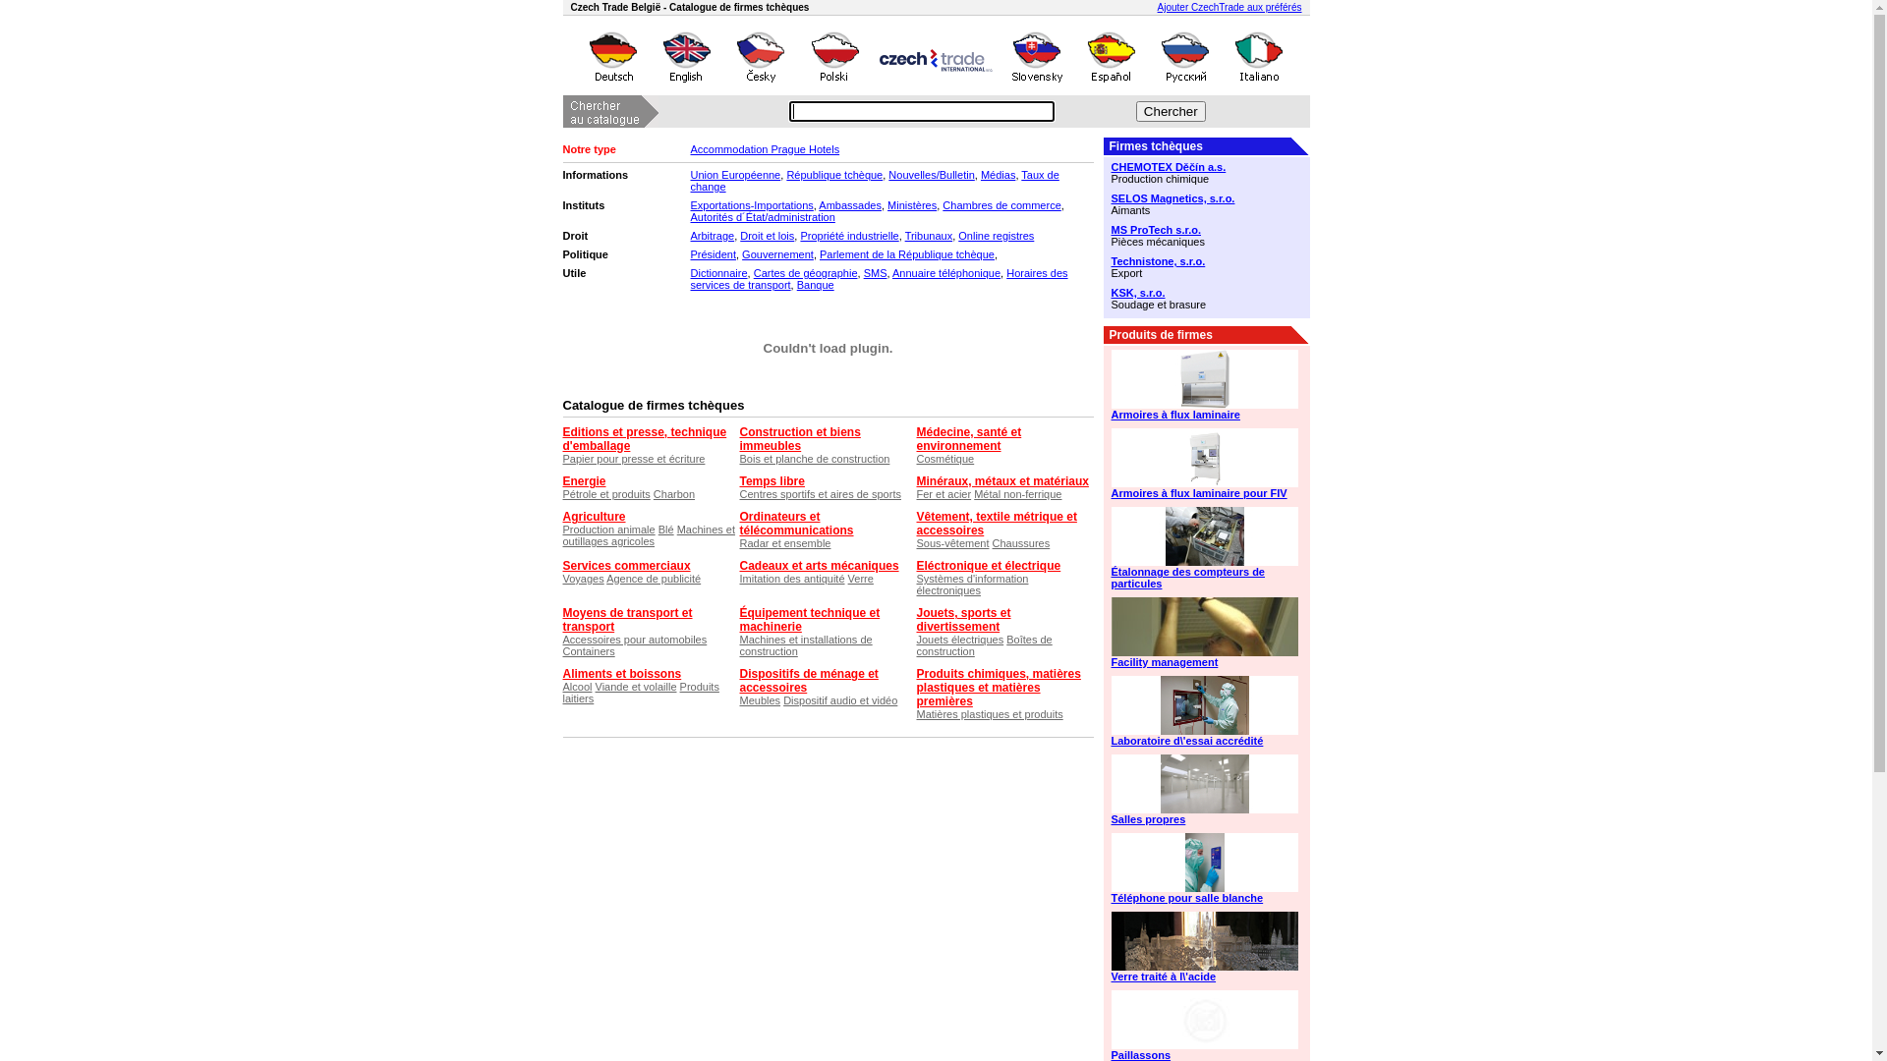 The image size is (1887, 1061). Describe the element at coordinates (560, 685) in the screenshot. I see `'Alcool'` at that location.